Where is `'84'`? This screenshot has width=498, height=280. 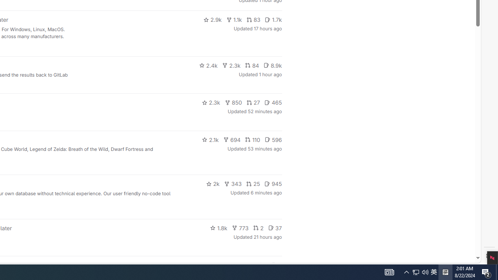 '84' is located at coordinates (252, 65).